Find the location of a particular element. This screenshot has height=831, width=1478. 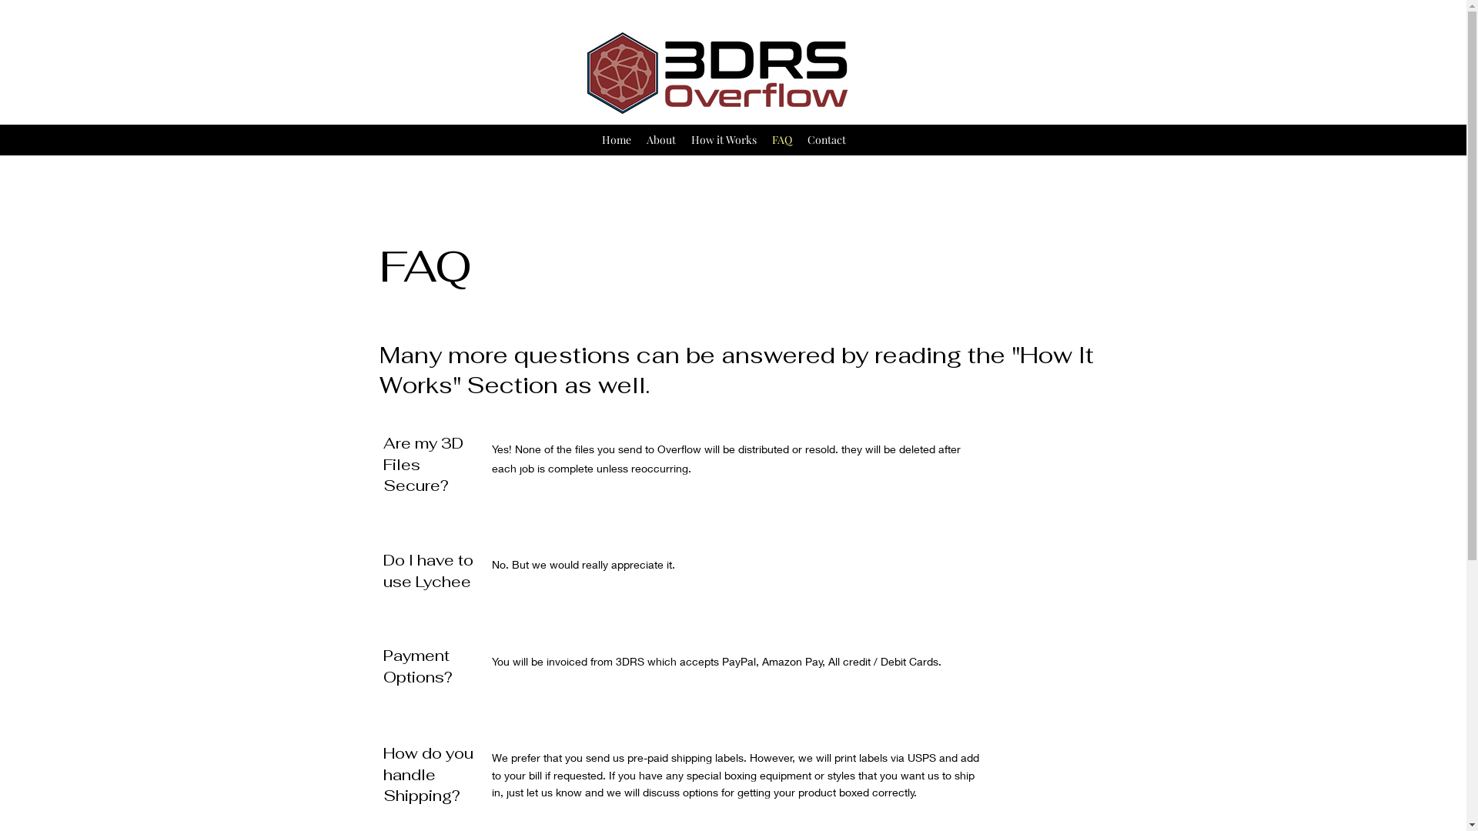

'Contact' is located at coordinates (825, 139).